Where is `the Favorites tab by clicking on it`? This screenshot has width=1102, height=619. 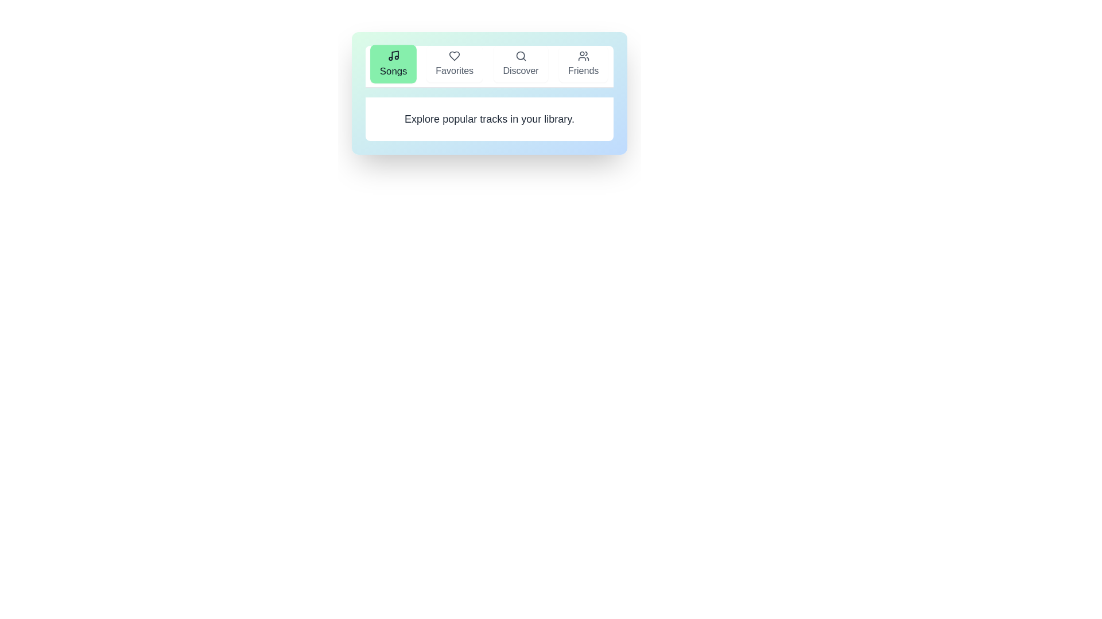
the Favorites tab by clicking on it is located at coordinates (454, 64).